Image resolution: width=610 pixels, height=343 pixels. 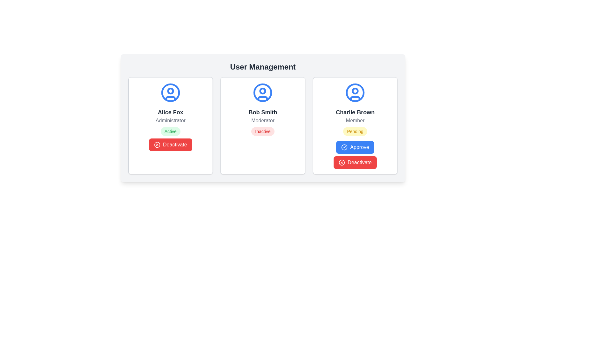 What do you see at coordinates (170, 93) in the screenshot?
I see `circular graphical element representing the user profile icon of Alice Fox, located within the user management section` at bounding box center [170, 93].